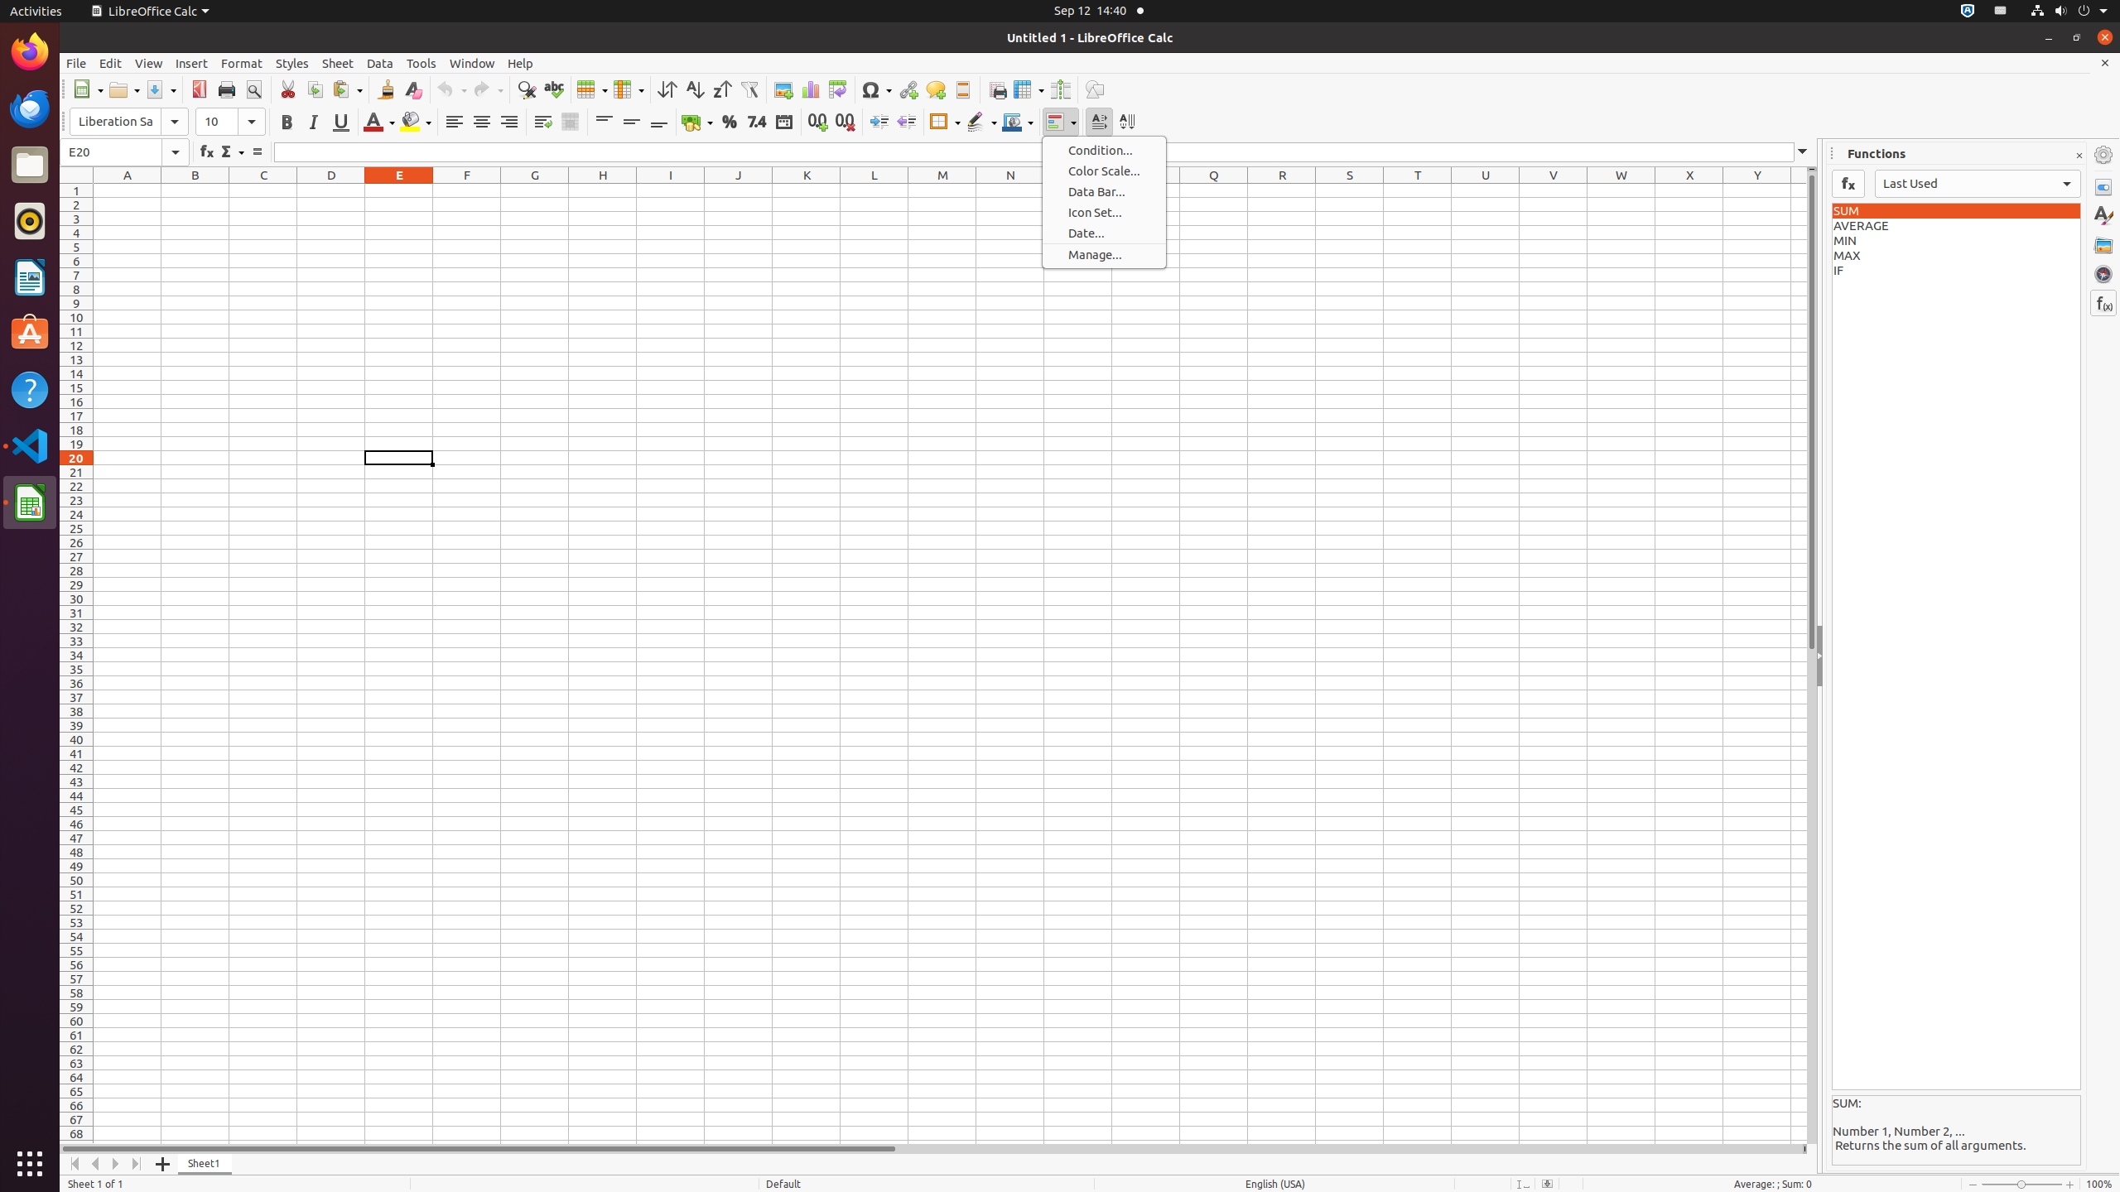 The height and width of the screenshot is (1192, 2120). Describe the element at coordinates (1966, 10) in the screenshot. I see `':1.72/StatusNotifierItem'` at that location.